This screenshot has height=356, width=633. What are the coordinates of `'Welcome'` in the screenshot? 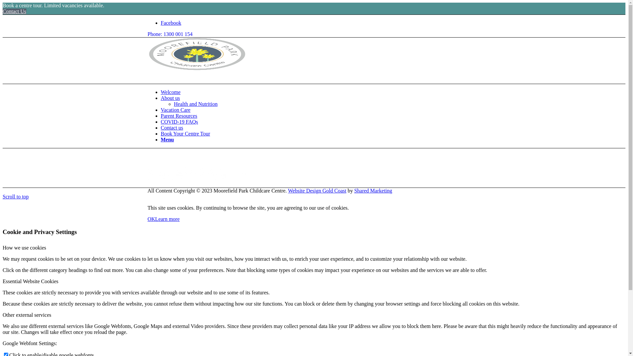 It's located at (161, 92).